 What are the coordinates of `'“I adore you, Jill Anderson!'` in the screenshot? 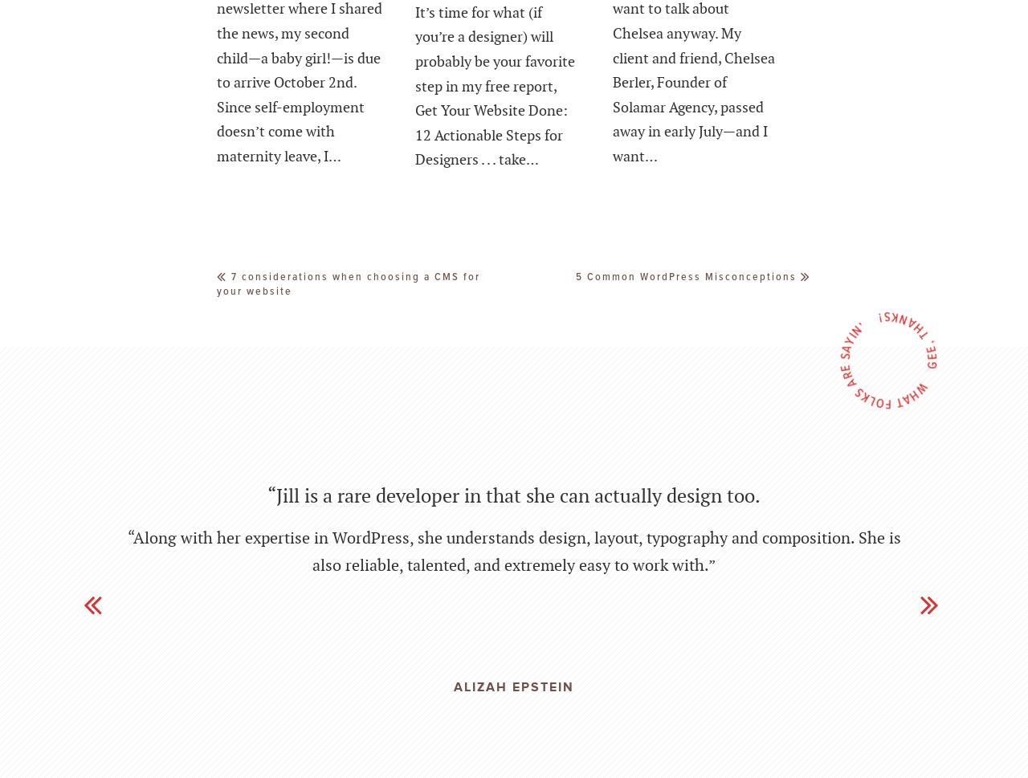 It's located at (512, 459).